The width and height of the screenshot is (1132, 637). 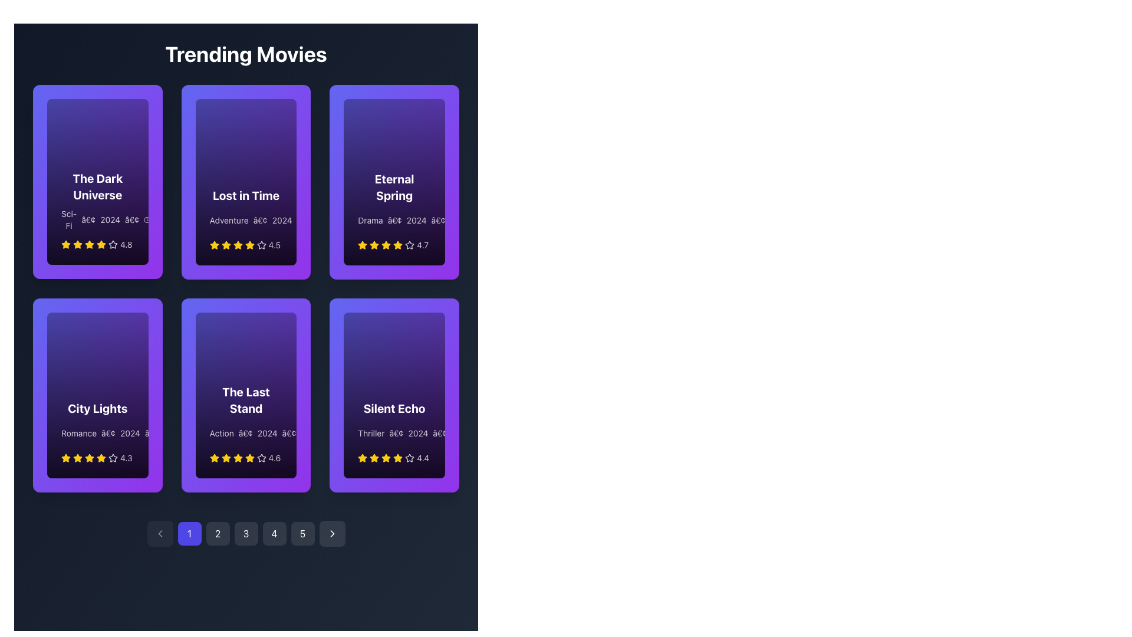 What do you see at coordinates (113, 457) in the screenshot?
I see `the seventh star-shaped icon in the rating system located beneath the text 'City Lights'` at bounding box center [113, 457].